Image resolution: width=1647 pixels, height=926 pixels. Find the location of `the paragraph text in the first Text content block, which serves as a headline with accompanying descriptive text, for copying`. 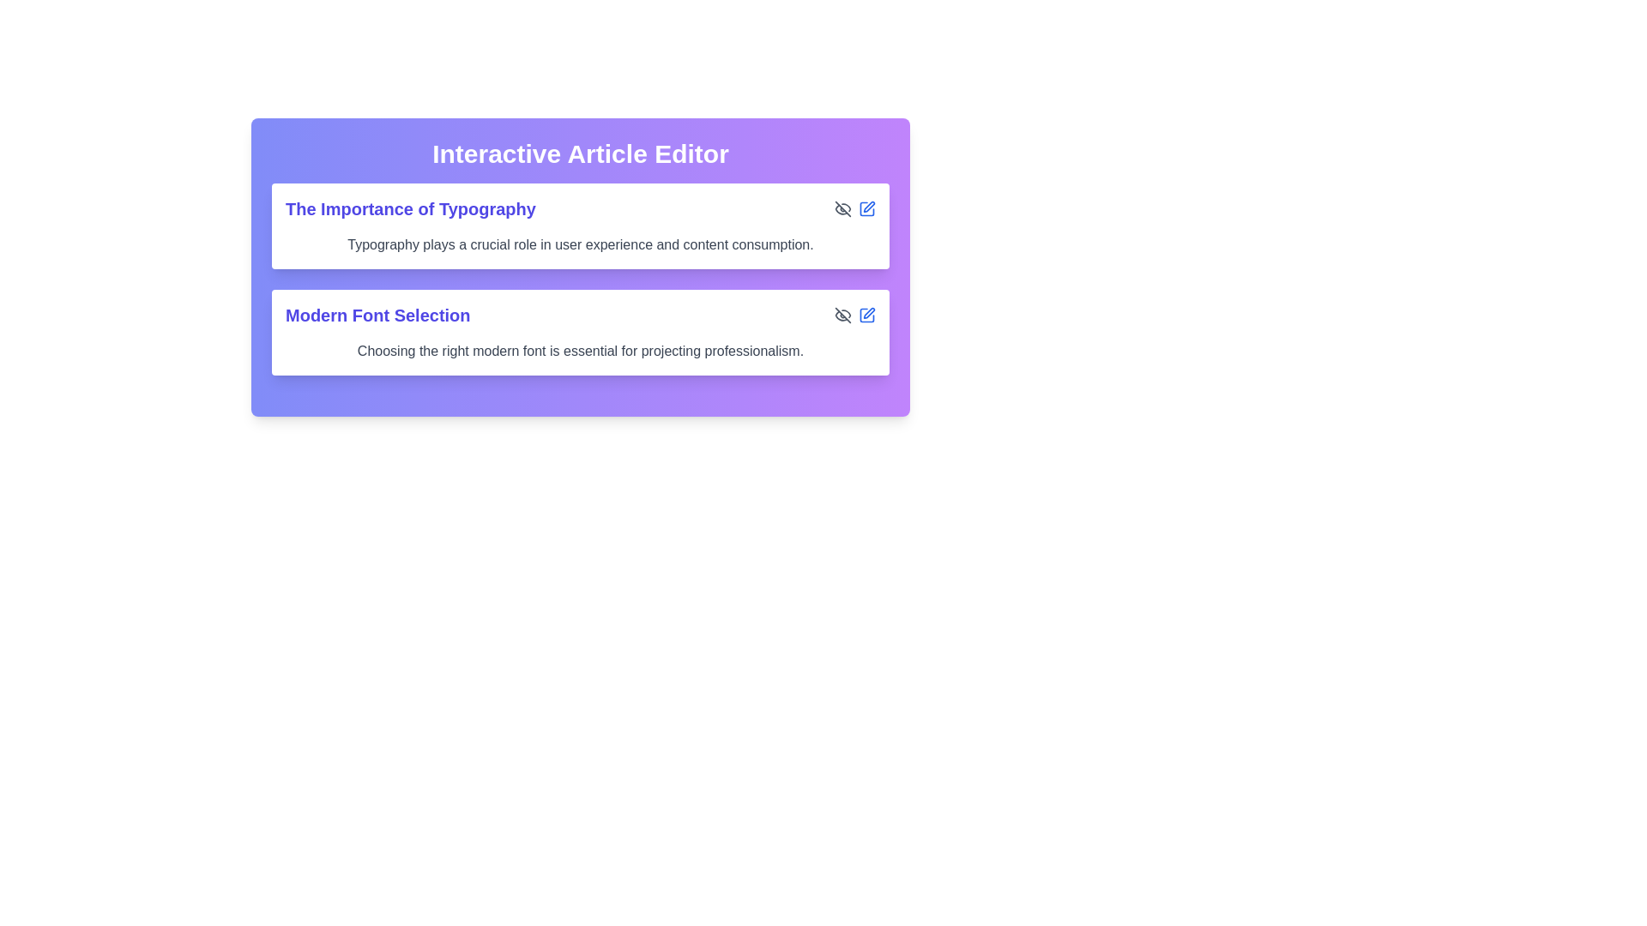

the paragraph text in the first Text content block, which serves as a headline with accompanying descriptive text, for copying is located at coordinates (580, 225).